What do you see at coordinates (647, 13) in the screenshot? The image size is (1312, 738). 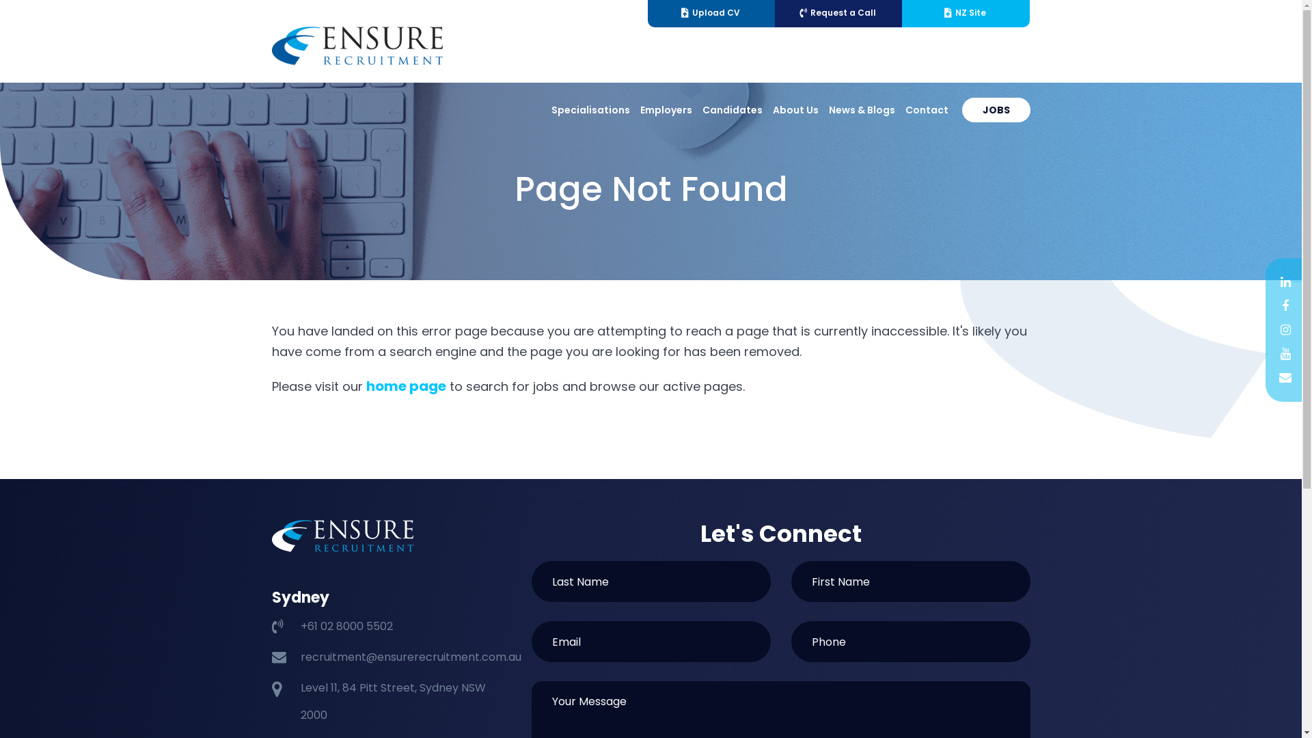 I see `'Upload CV'` at bounding box center [647, 13].